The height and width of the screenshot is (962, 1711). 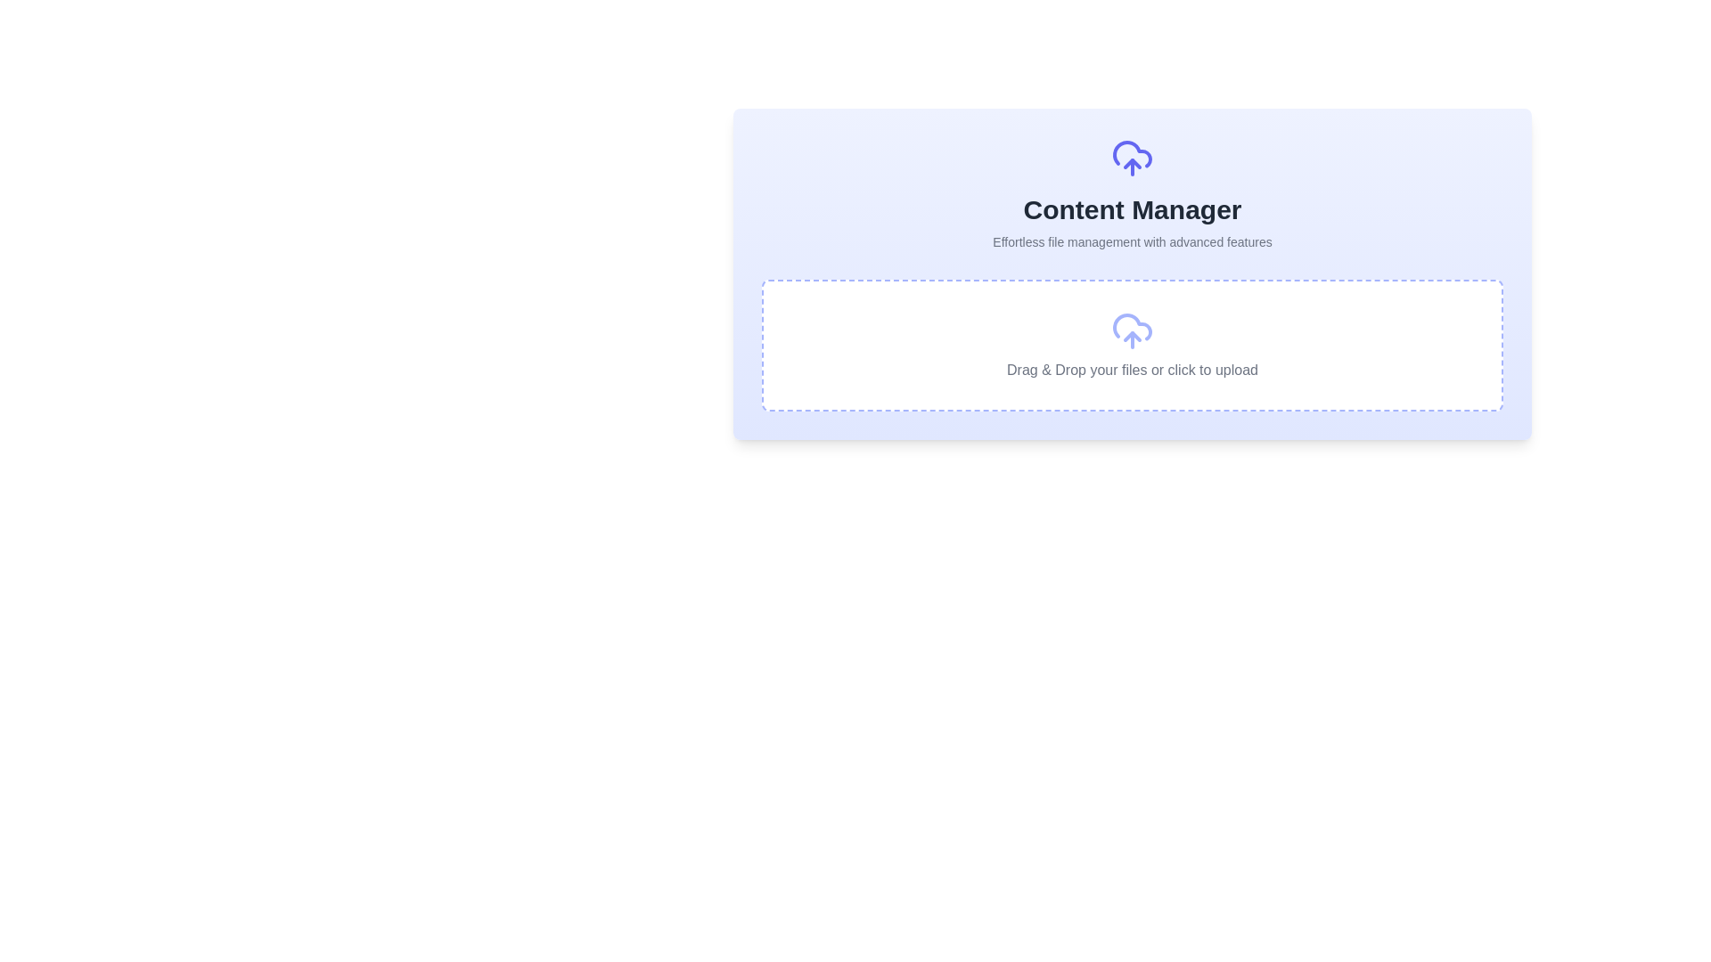 What do you see at coordinates (1132, 337) in the screenshot?
I see `the indigo-blue cloud-upload icon, which is an upwards-facing arrow above a dashed rectangular box in the 'Content Manager' section` at bounding box center [1132, 337].